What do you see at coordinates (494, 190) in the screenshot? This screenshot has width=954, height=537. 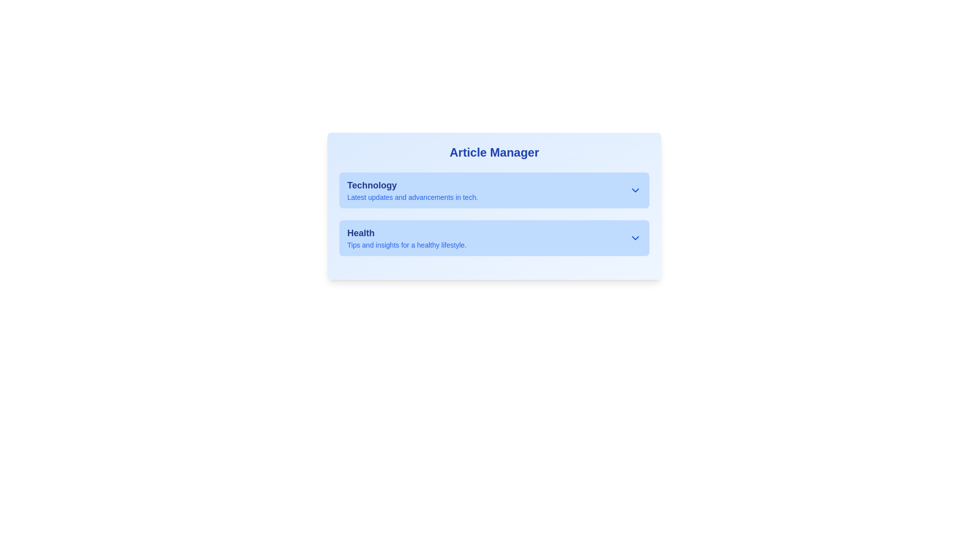 I see `the category selector titled 'Technology' with a light blue background` at bounding box center [494, 190].